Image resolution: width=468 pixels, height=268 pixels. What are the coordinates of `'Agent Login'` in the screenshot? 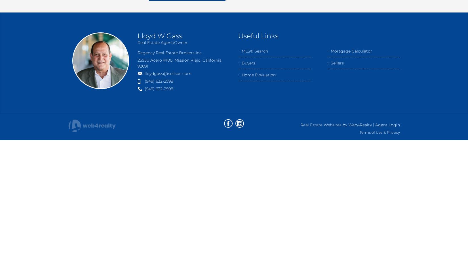 It's located at (387, 124).